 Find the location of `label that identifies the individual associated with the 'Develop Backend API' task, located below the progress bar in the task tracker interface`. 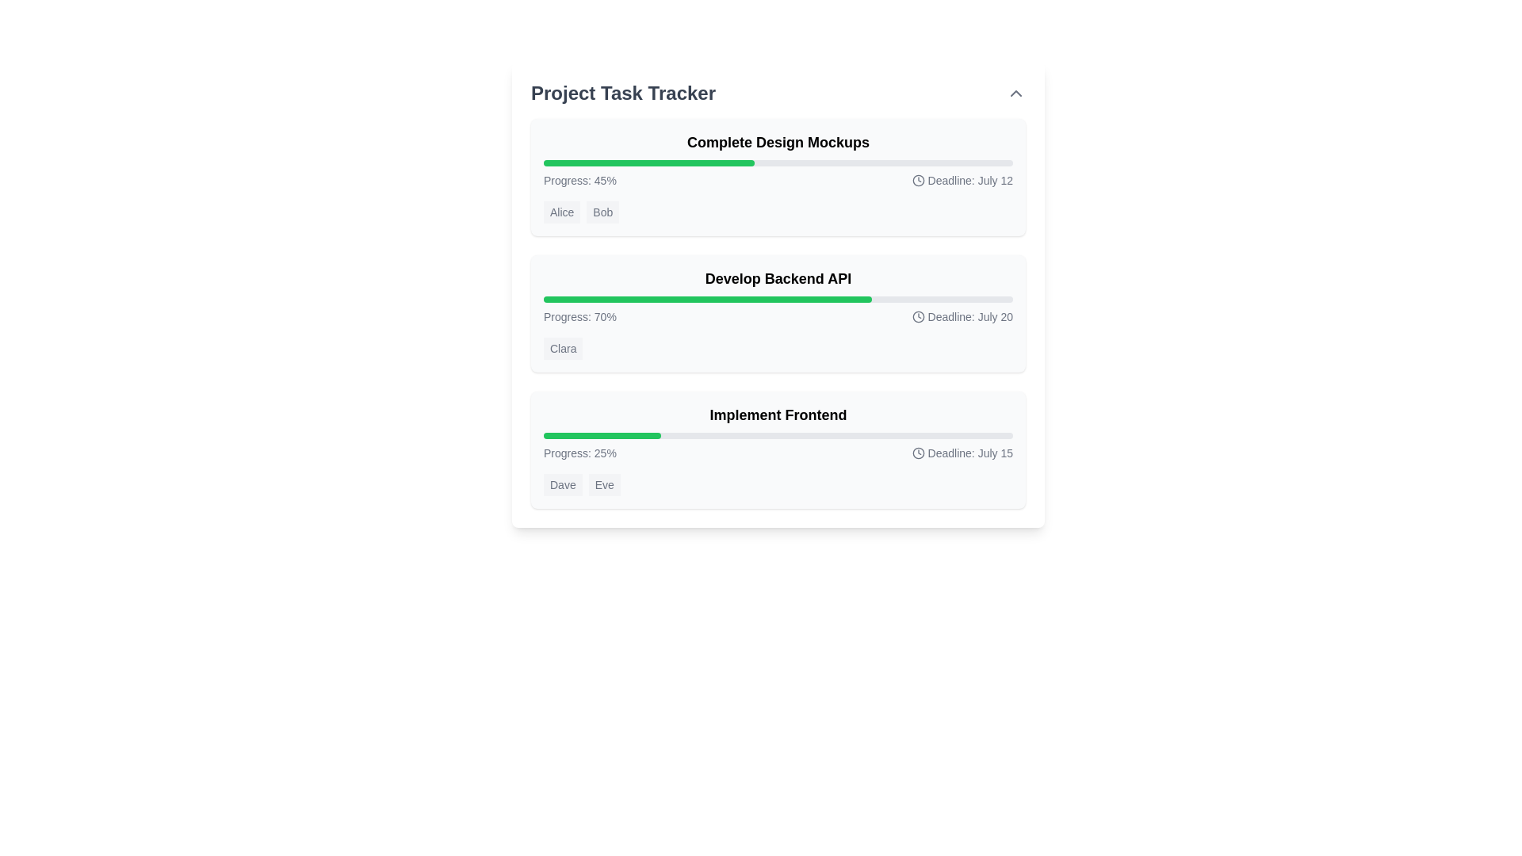

label that identifies the individual associated with the 'Develop Backend API' task, located below the progress bar in the task tracker interface is located at coordinates (563, 347).